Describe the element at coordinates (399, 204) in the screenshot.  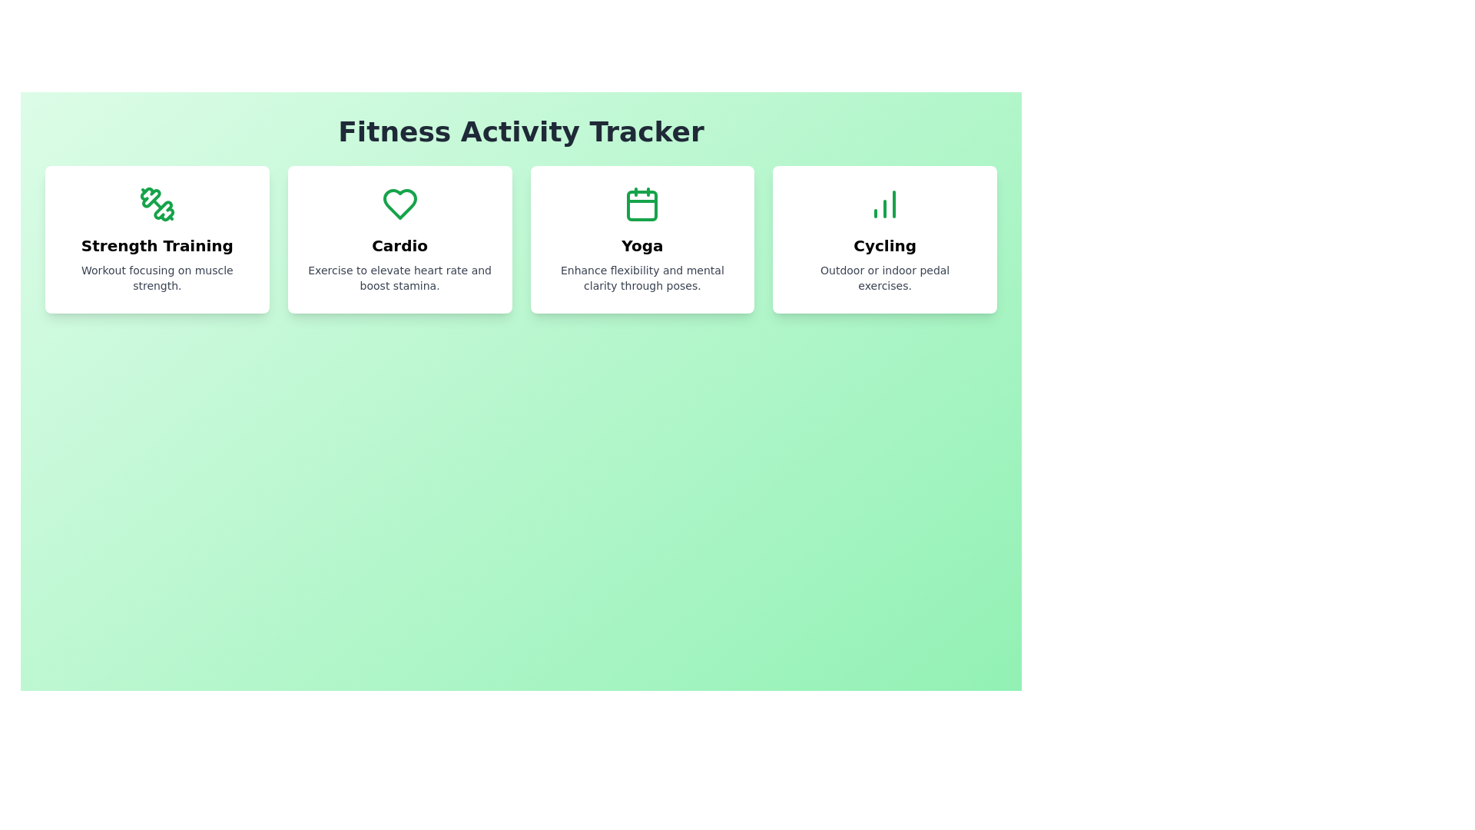
I see `the heart-shaped icon with a green outline located above the text 'Cardio' within the 'Cardio' card` at that location.